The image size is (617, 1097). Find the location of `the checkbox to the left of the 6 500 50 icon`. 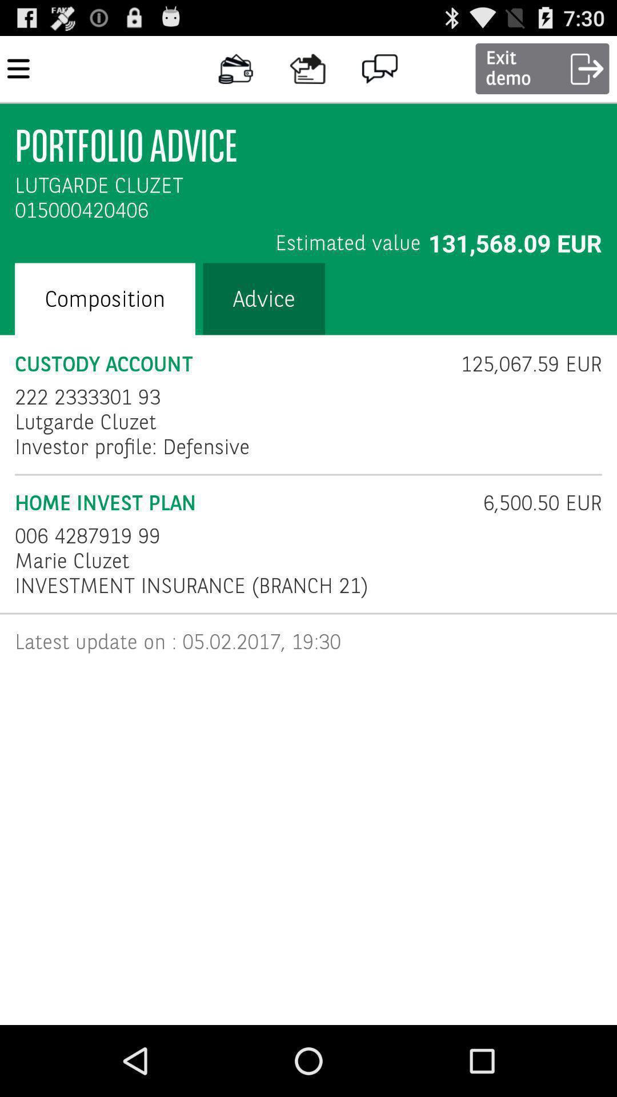

the checkbox to the left of the 6 500 50 icon is located at coordinates (241, 503).